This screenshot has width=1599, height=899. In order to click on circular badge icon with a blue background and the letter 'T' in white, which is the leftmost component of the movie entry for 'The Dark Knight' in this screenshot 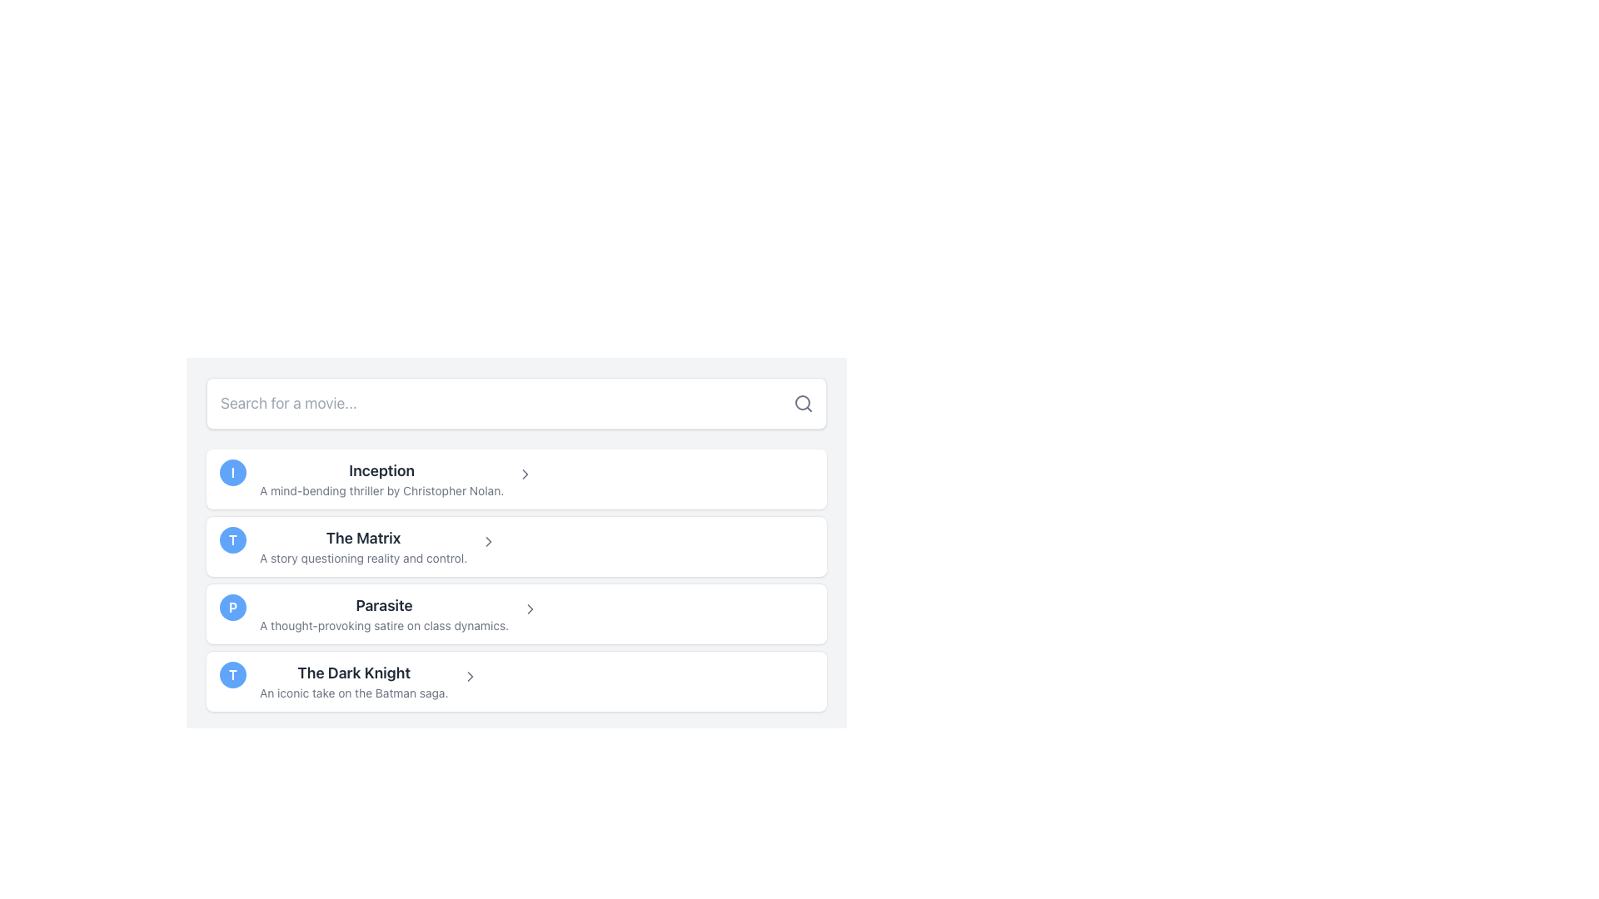, I will do `click(232, 674)`.